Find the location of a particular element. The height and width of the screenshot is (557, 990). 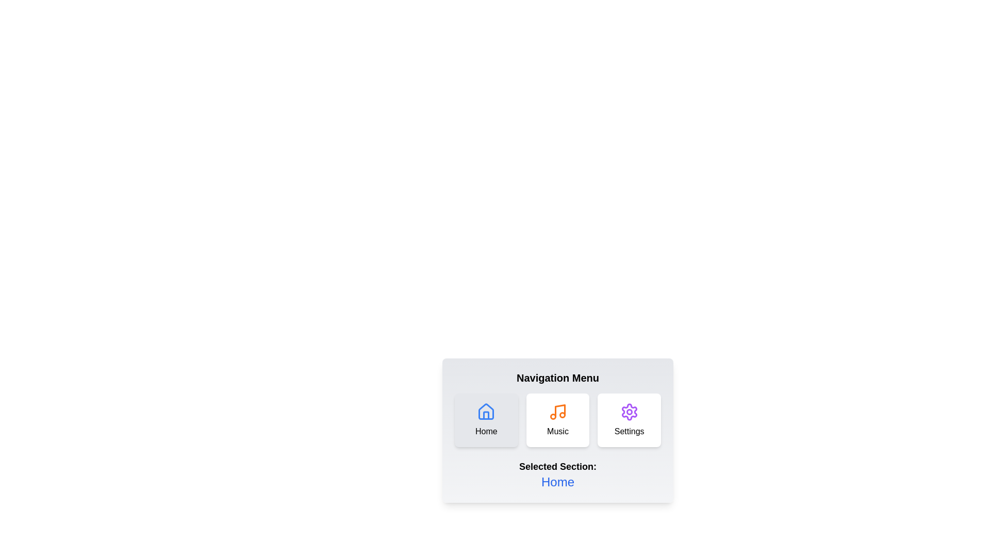

the Home button to navigate to the corresponding section is located at coordinates (486, 420).